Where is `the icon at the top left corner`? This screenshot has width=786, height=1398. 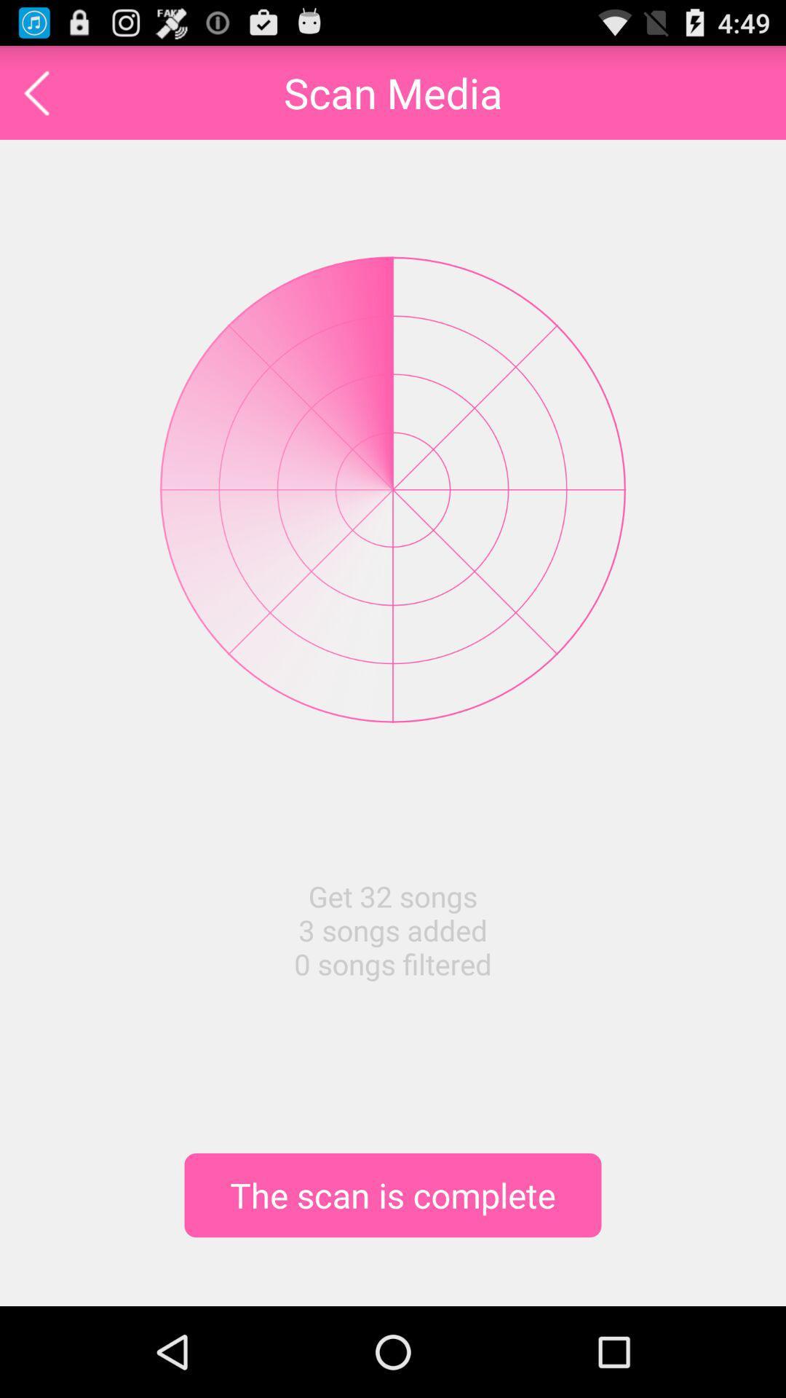
the icon at the top left corner is located at coordinates (36, 92).